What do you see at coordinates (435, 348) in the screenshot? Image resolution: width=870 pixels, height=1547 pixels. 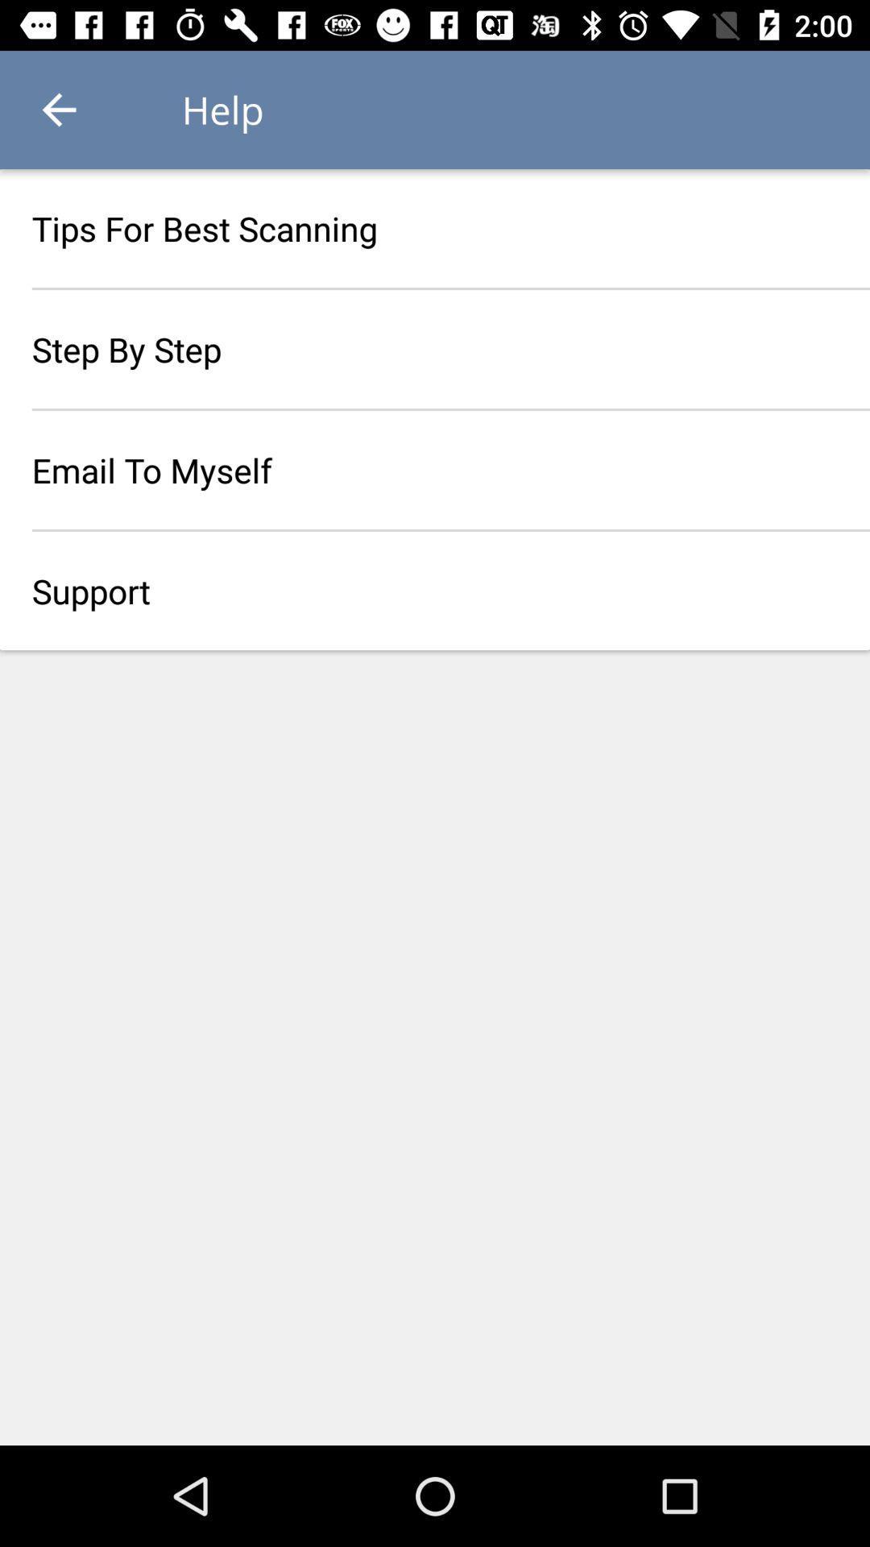 I see `item above email to myself icon` at bounding box center [435, 348].